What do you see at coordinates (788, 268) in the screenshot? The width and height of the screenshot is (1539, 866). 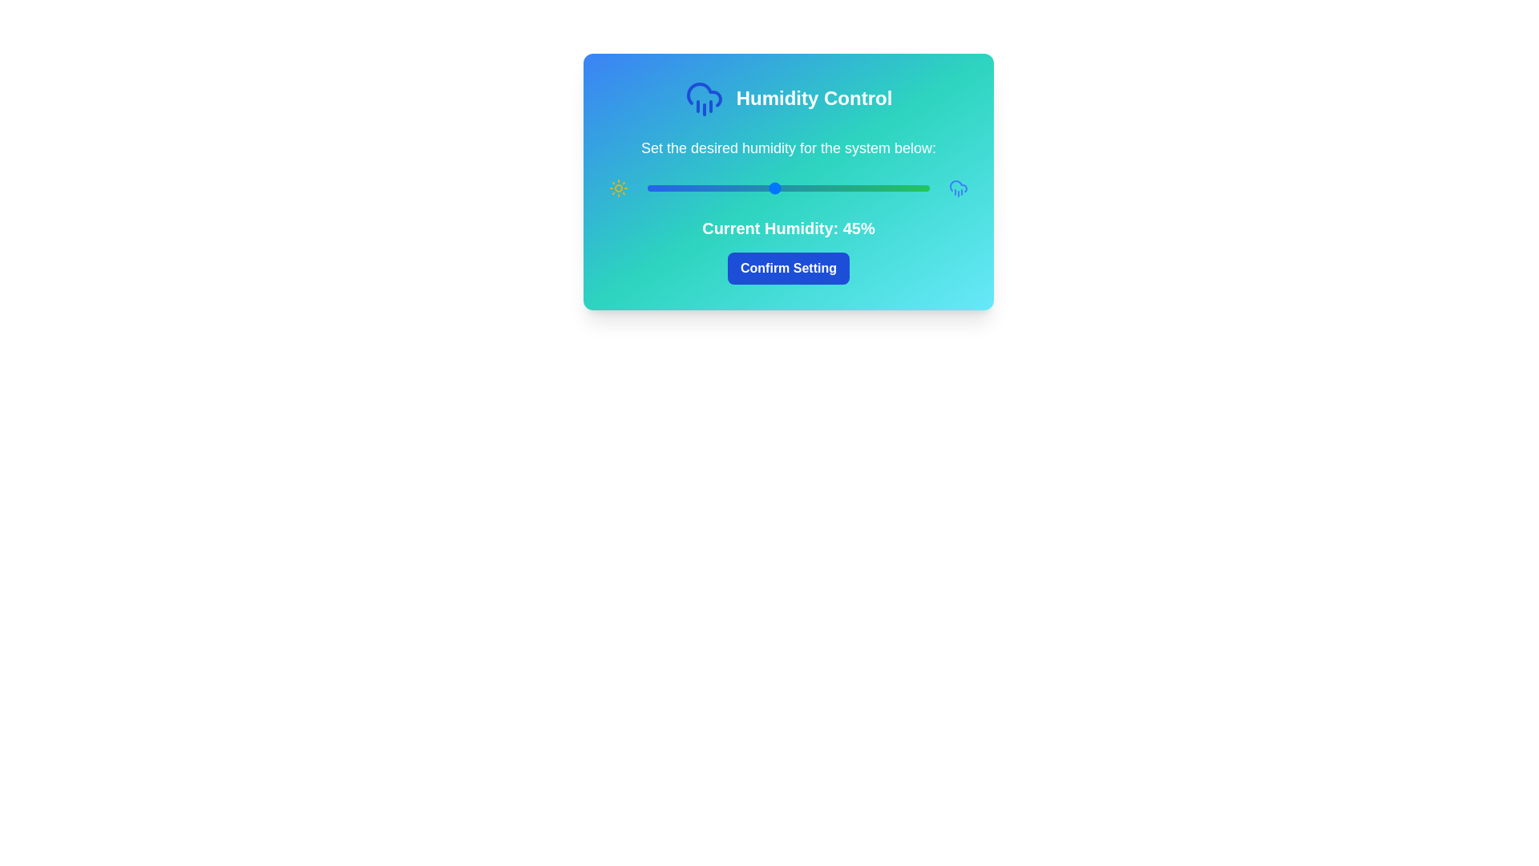 I see `the 'Confirm Setting' button to confirm the humidity setting` at bounding box center [788, 268].